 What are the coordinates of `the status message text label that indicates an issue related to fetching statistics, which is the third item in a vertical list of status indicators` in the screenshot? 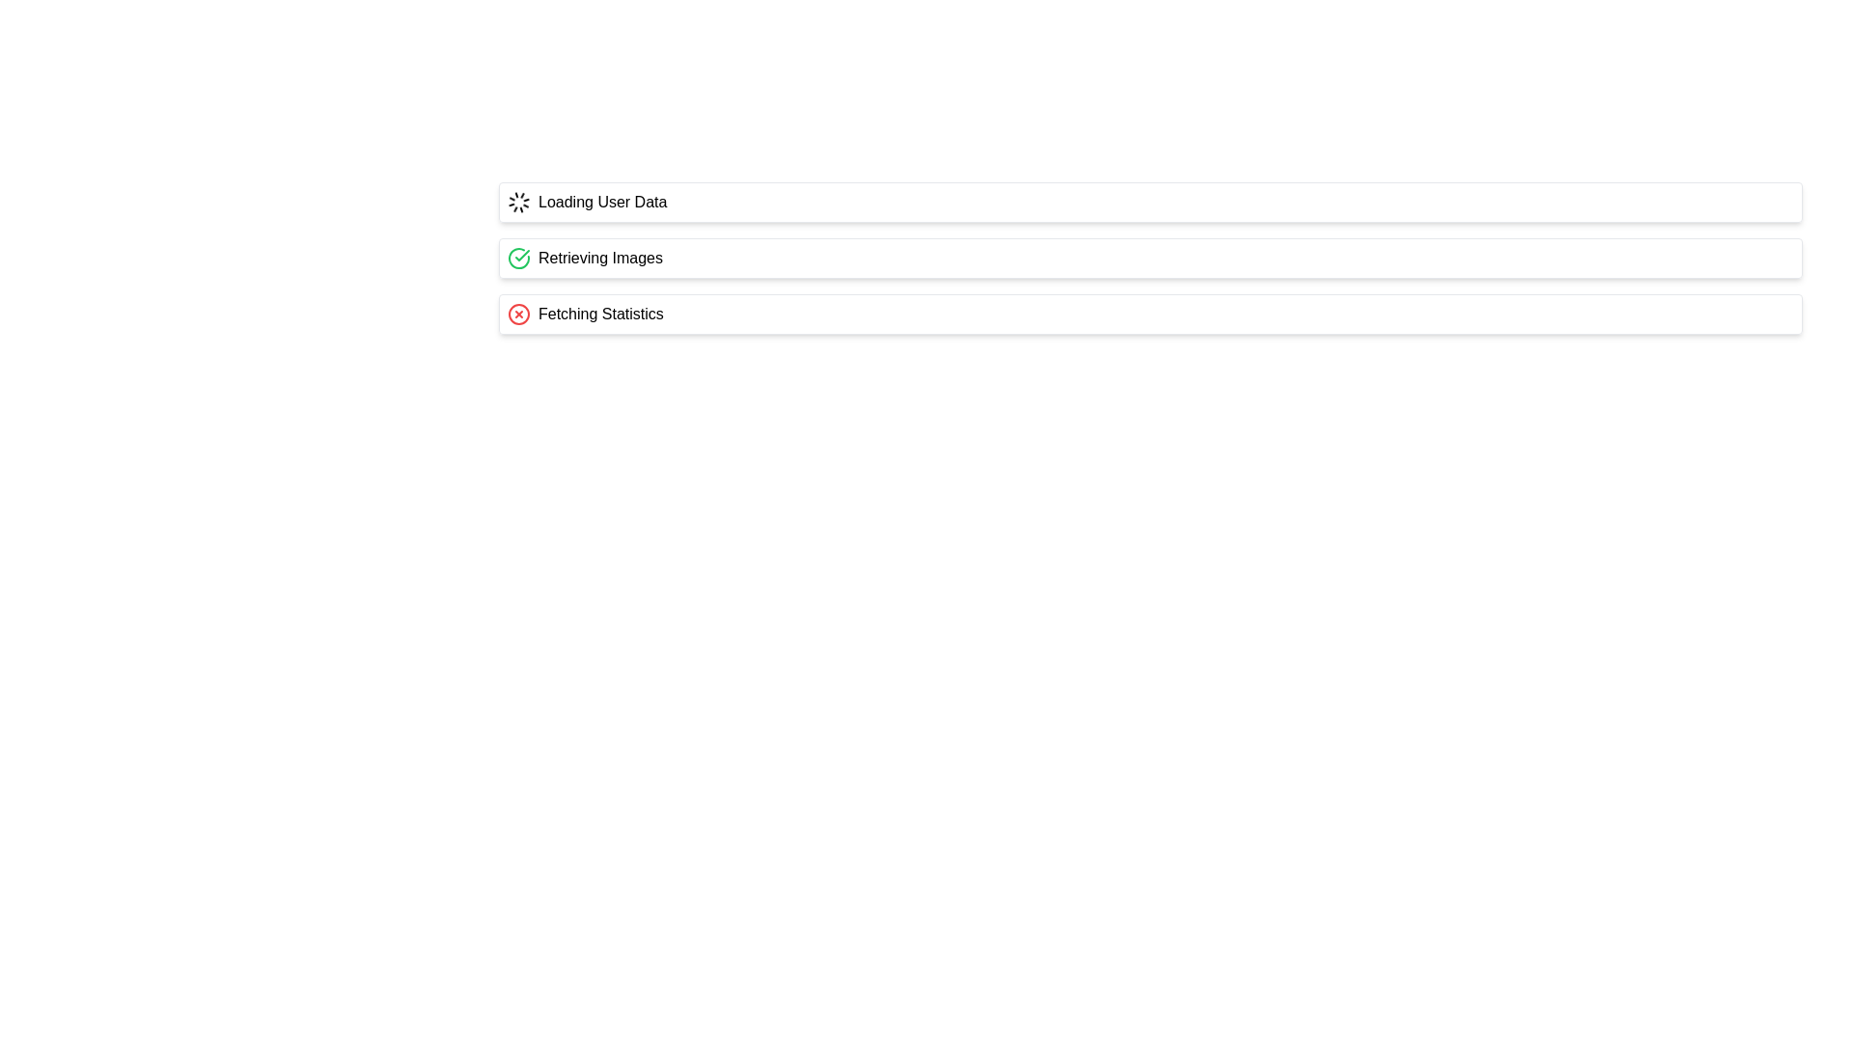 It's located at (599, 314).